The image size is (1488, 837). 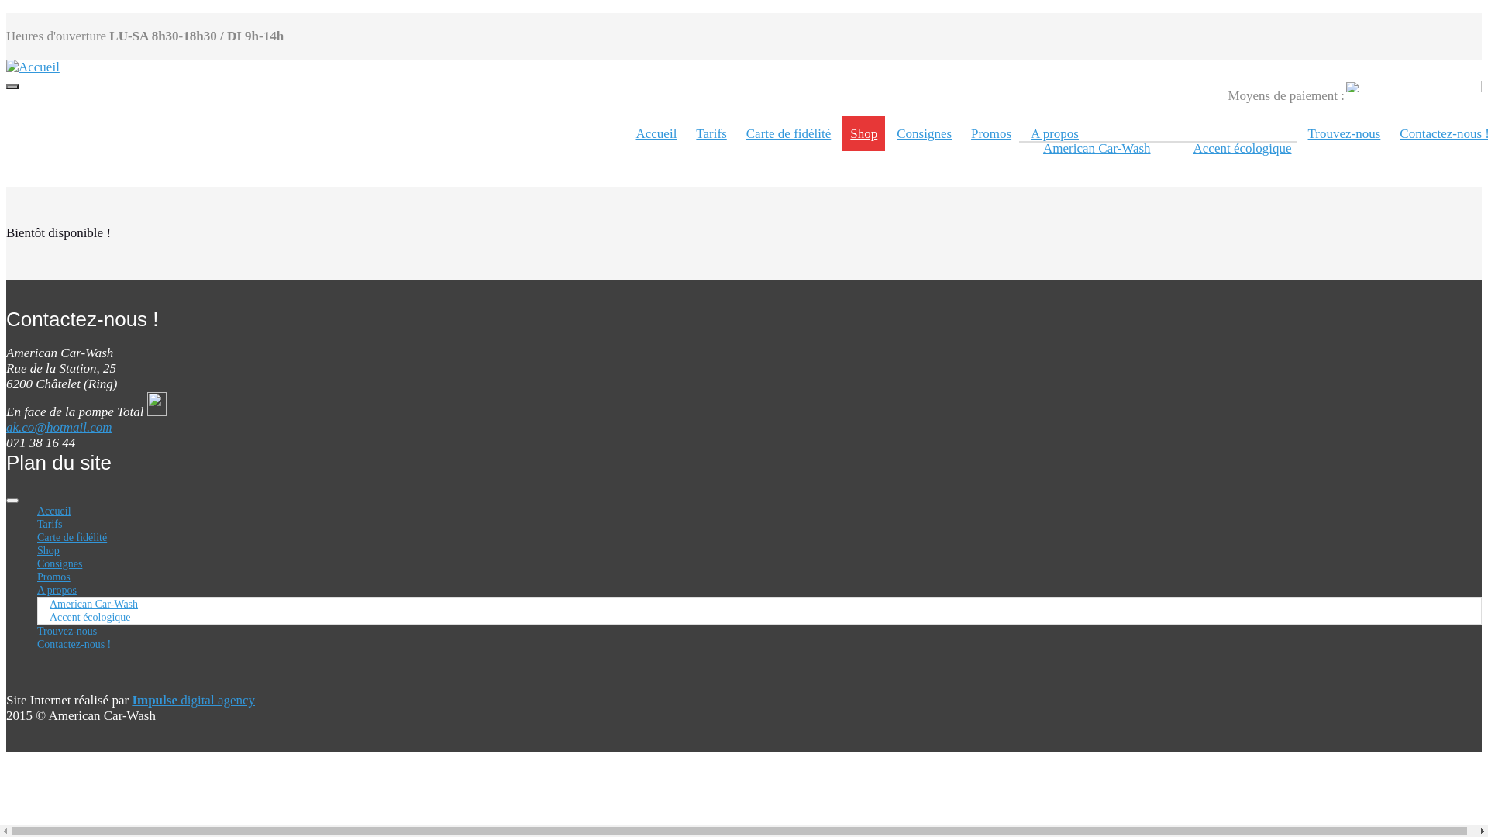 I want to click on 'Tarifs', so click(x=37, y=523).